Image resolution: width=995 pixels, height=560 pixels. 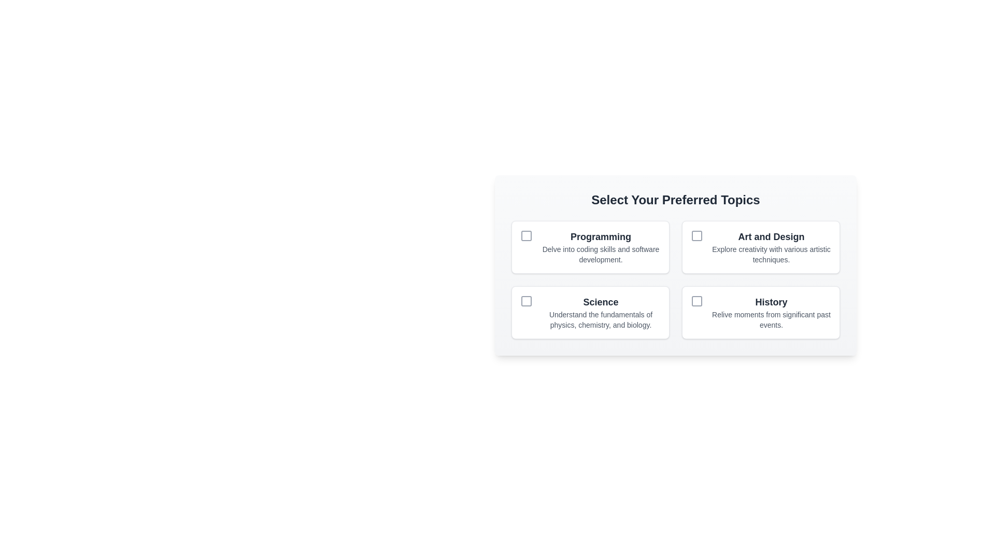 I want to click on the unselected checkbox marker for the 'History' option, so click(x=696, y=301).